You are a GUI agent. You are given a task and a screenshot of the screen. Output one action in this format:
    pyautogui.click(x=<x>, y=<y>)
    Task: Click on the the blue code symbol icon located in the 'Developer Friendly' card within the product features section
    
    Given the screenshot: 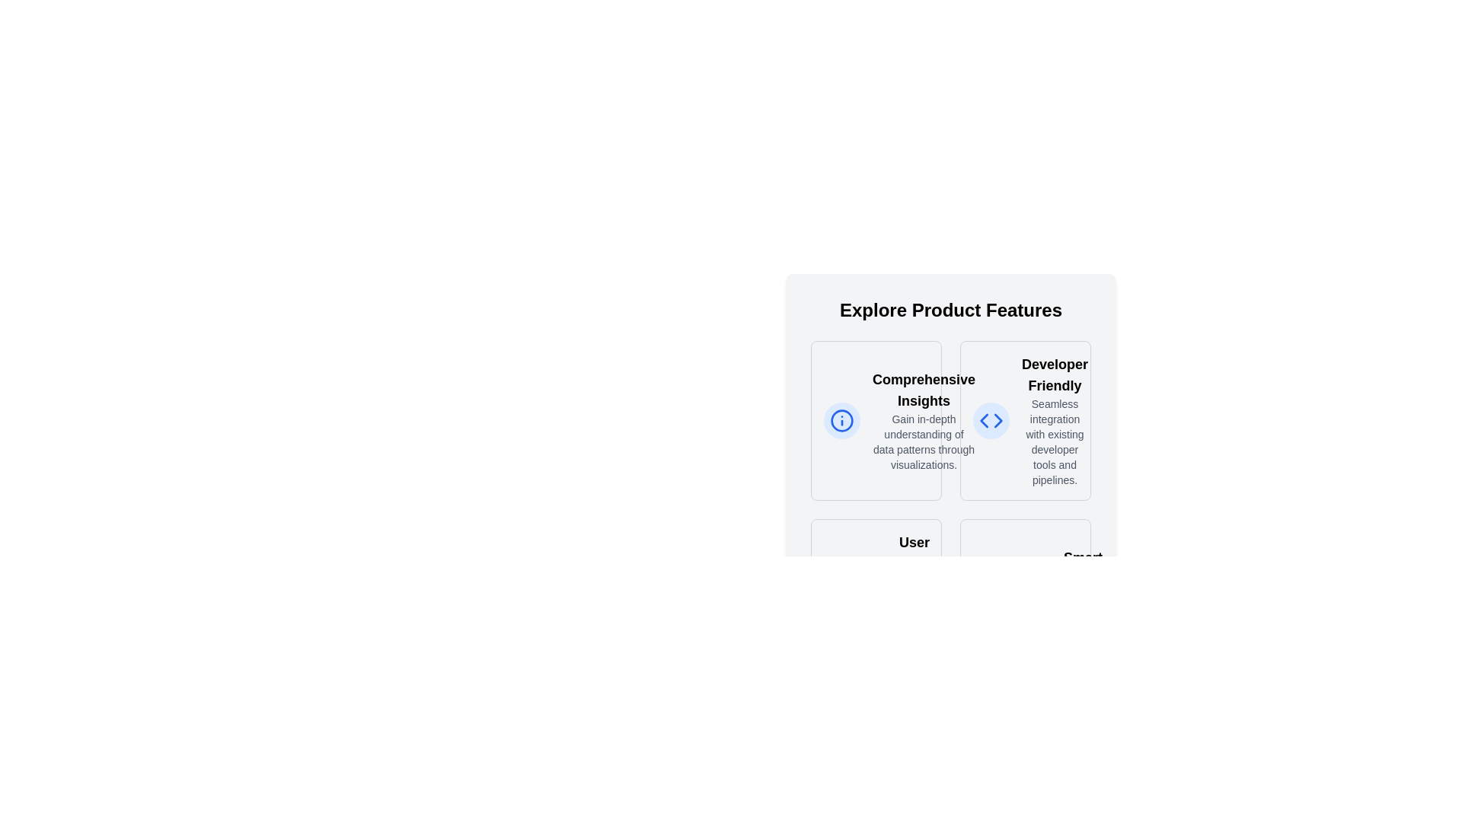 What is the action you would take?
    pyautogui.click(x=991, y=420)
    